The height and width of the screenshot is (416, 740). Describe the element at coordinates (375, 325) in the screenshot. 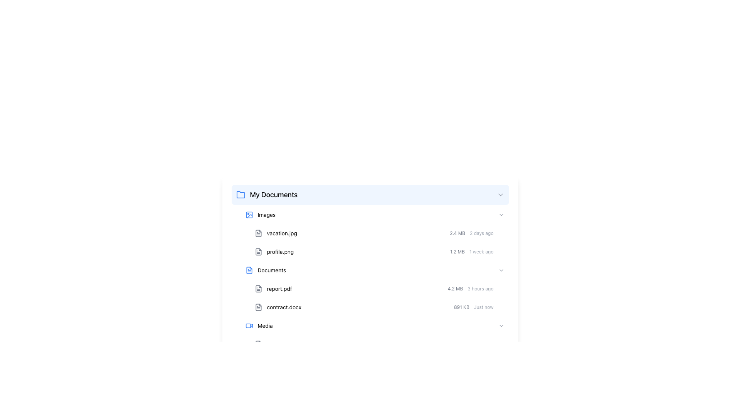

I see `the expandable arrow of the 'Media' folder item in the interactive list under 'My Documents'` at that location.